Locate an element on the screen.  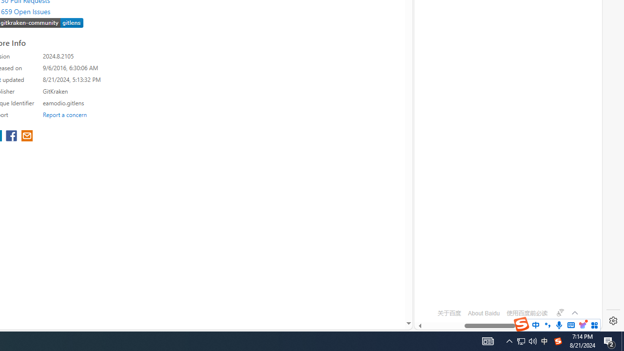
'share extension on email' is located at coordinates (27, 136).